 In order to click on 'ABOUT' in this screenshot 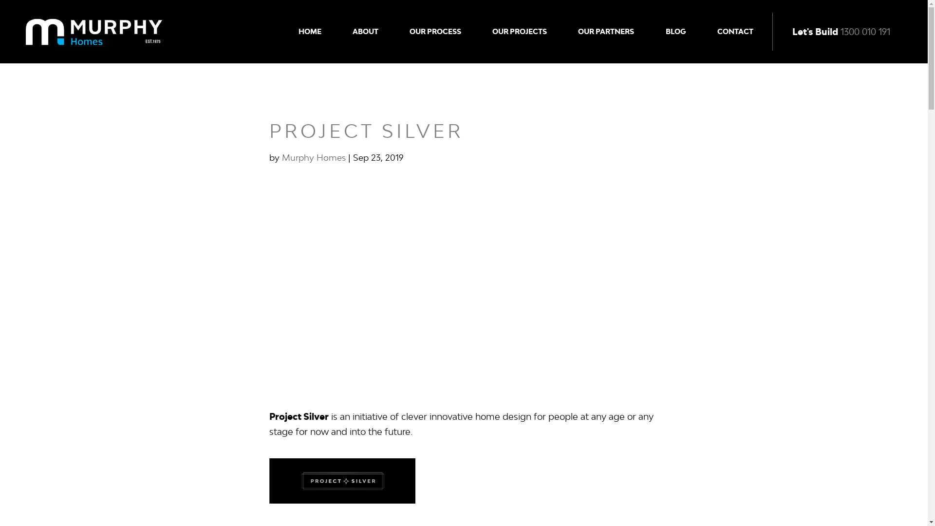, I will do `click(352, 31)`.